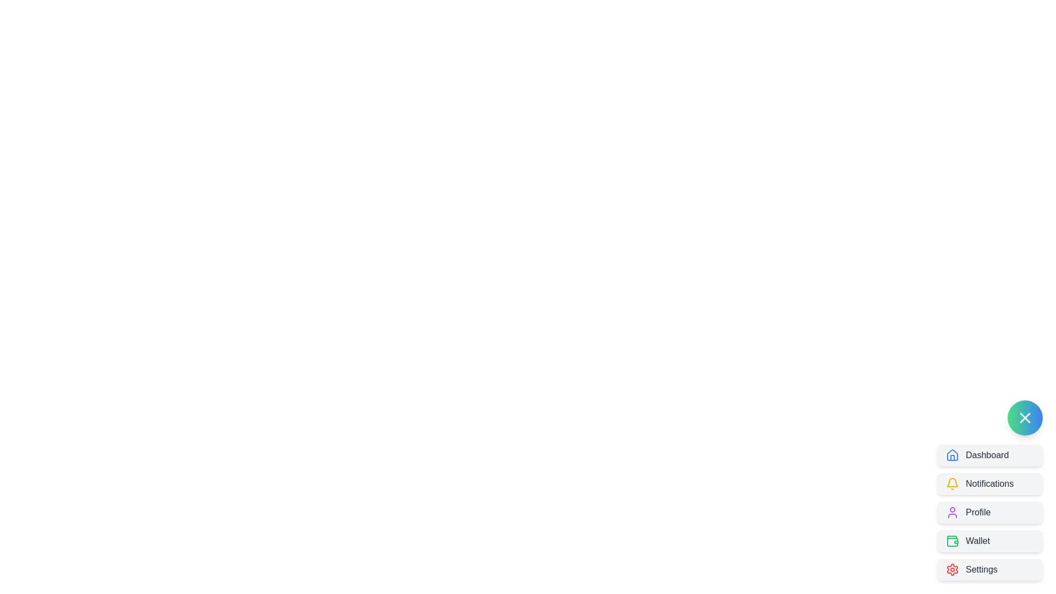 This screenshot has height=594, width=1056. Describe the element at coordinates (1024, 417) in the screenshot. I see `the circular button with a gradient color transitioning from green to blue that features a white 'X' icon centered within it, located at the bottom-right corner of the interface above the vertical menu` at that location.